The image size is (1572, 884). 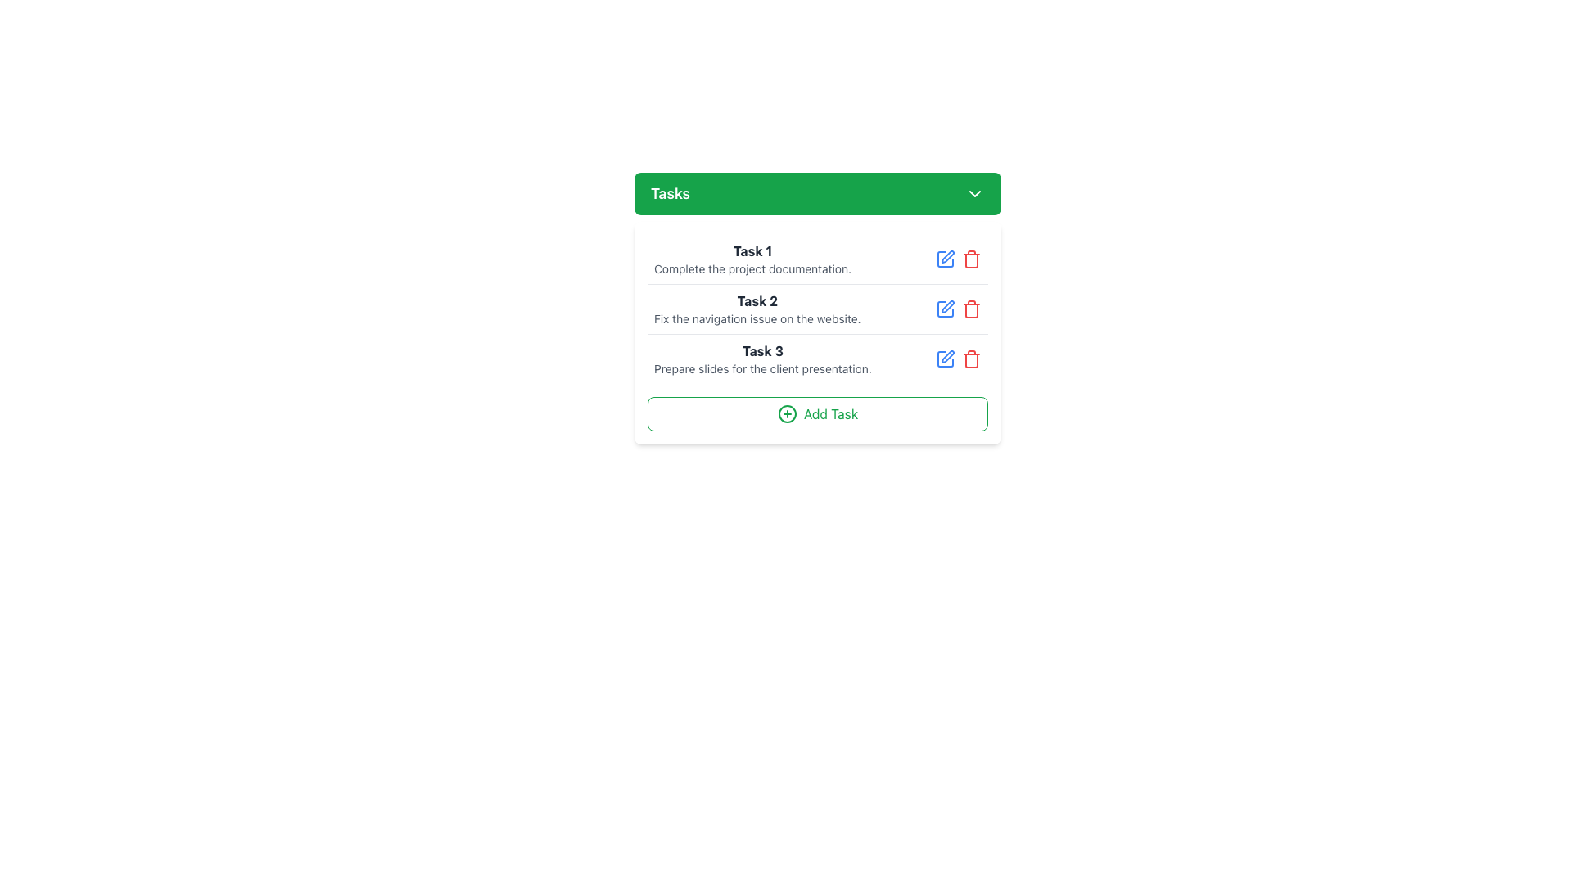 What do you see at coordinates (670, 192) in the screenshot?
I see `text content of the Text Label located in the green header bar at the top of the card layout, which is the leftmost item next to an arrow icon` at bounding box center [670, 192].